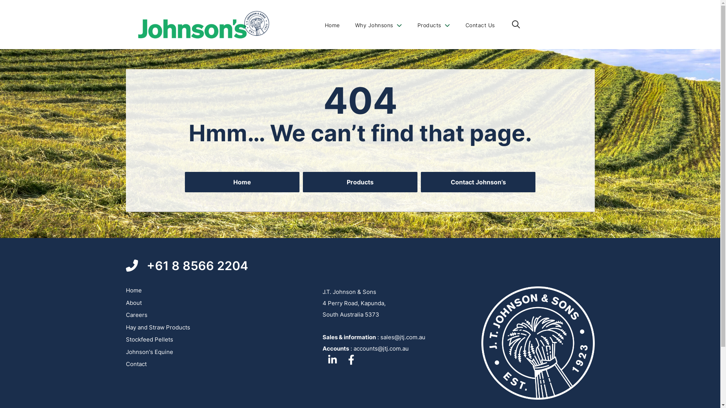 This screenshot has height=408, width=726. I want to click on 'Hay and Straw Products', so click(157, 327).